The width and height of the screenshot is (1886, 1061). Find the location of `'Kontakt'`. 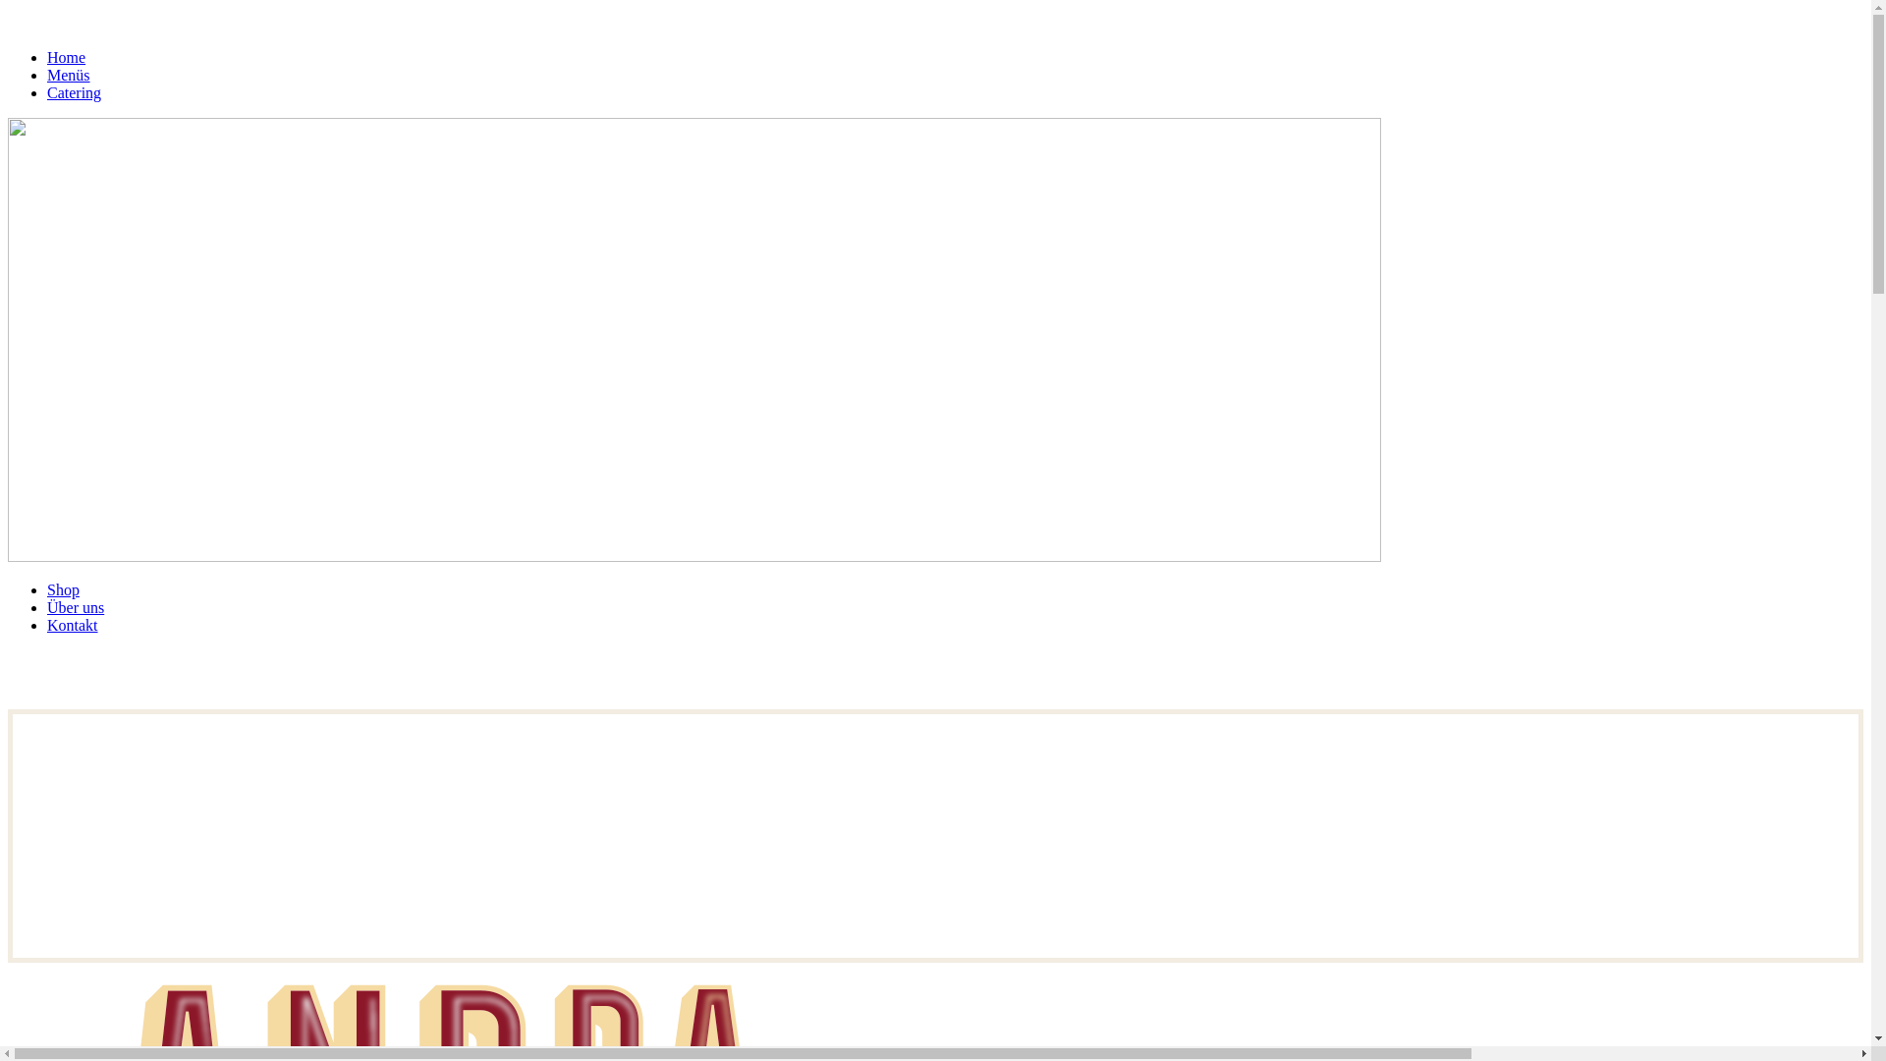

'Kontakt' is located at coordinates (72, 625).